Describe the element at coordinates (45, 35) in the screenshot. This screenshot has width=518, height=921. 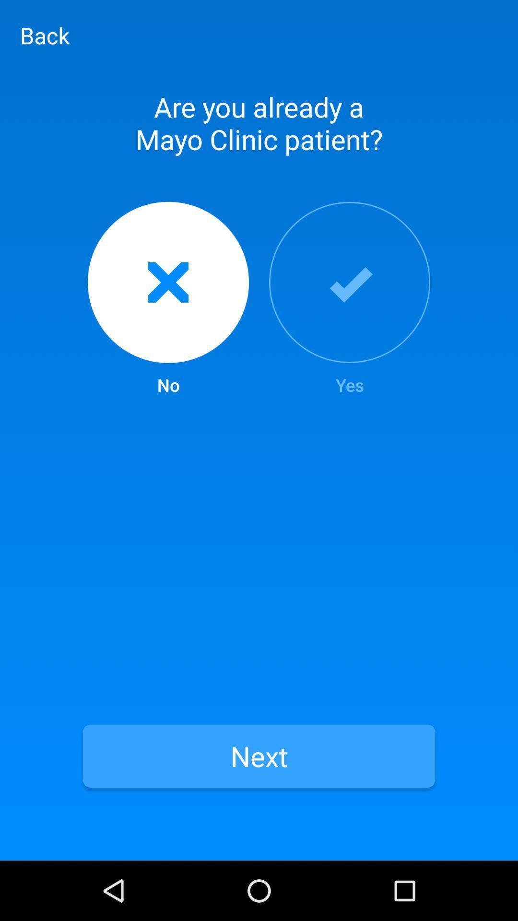
I see `back icon` at that location.